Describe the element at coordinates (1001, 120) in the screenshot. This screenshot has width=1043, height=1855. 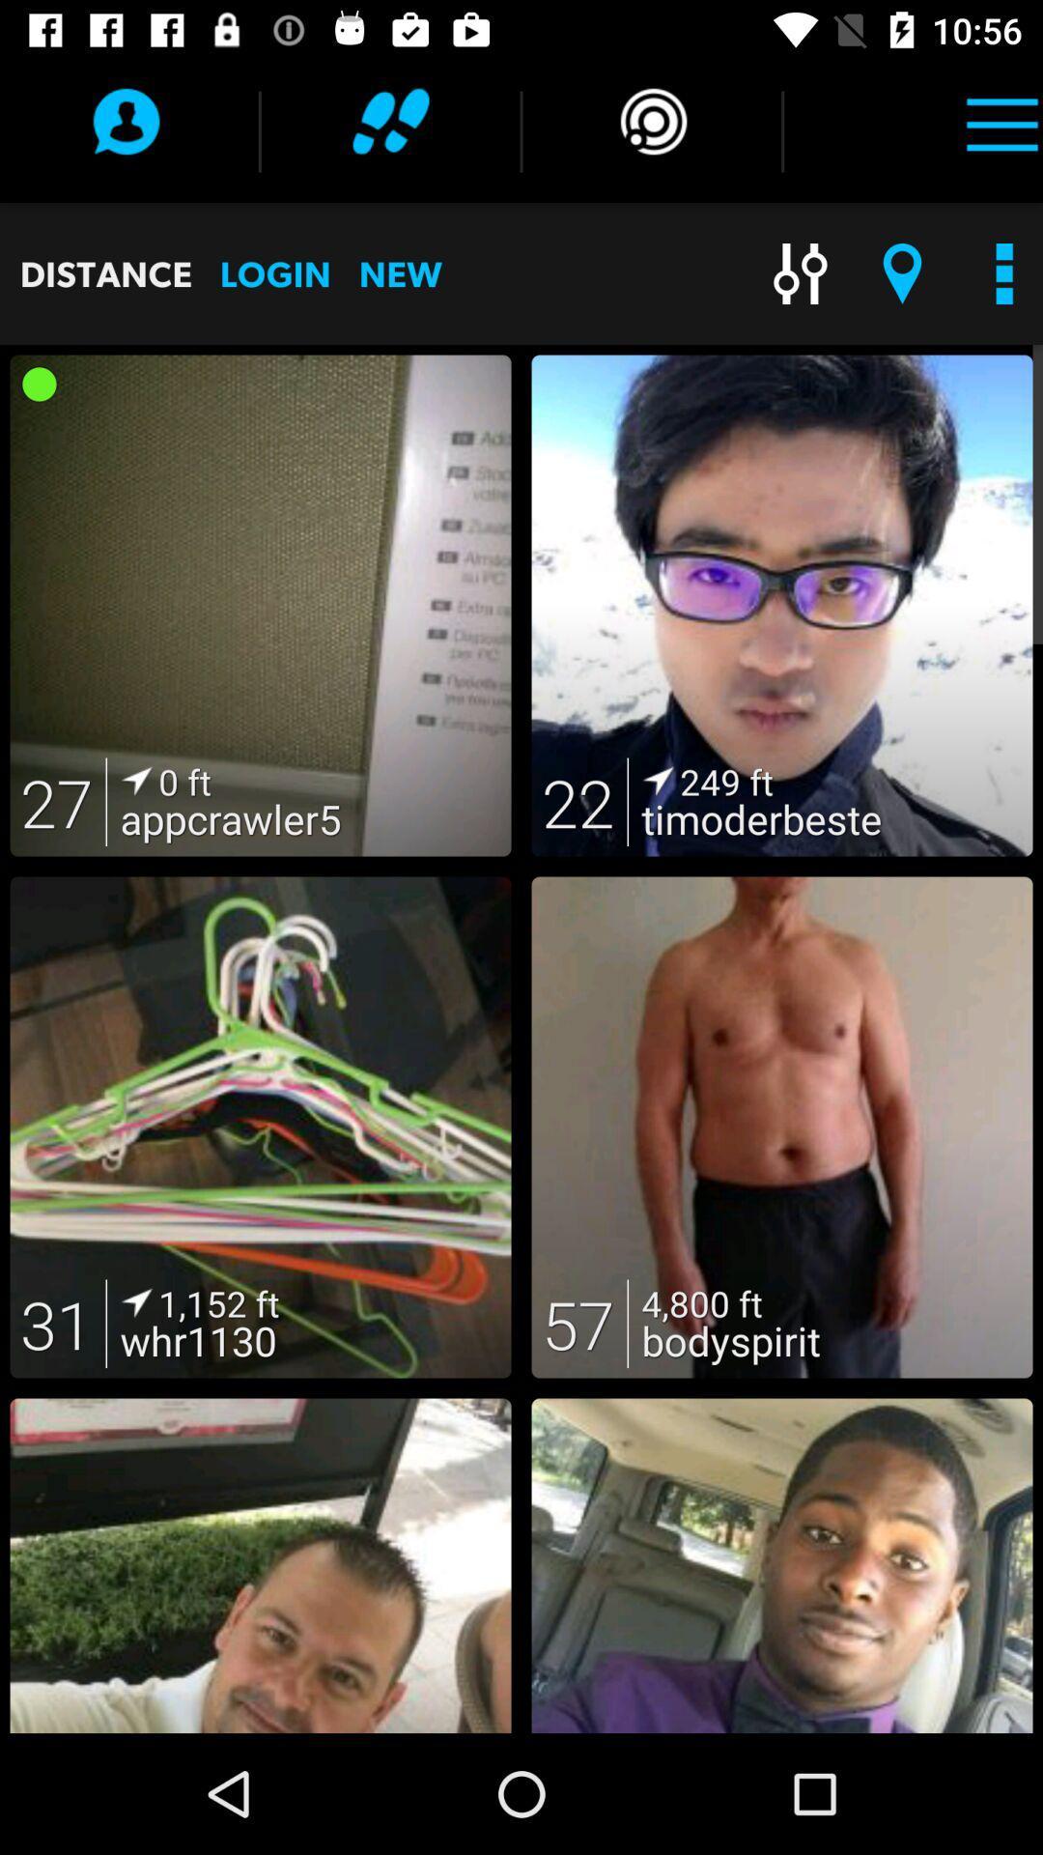
I see `menu` at that location.